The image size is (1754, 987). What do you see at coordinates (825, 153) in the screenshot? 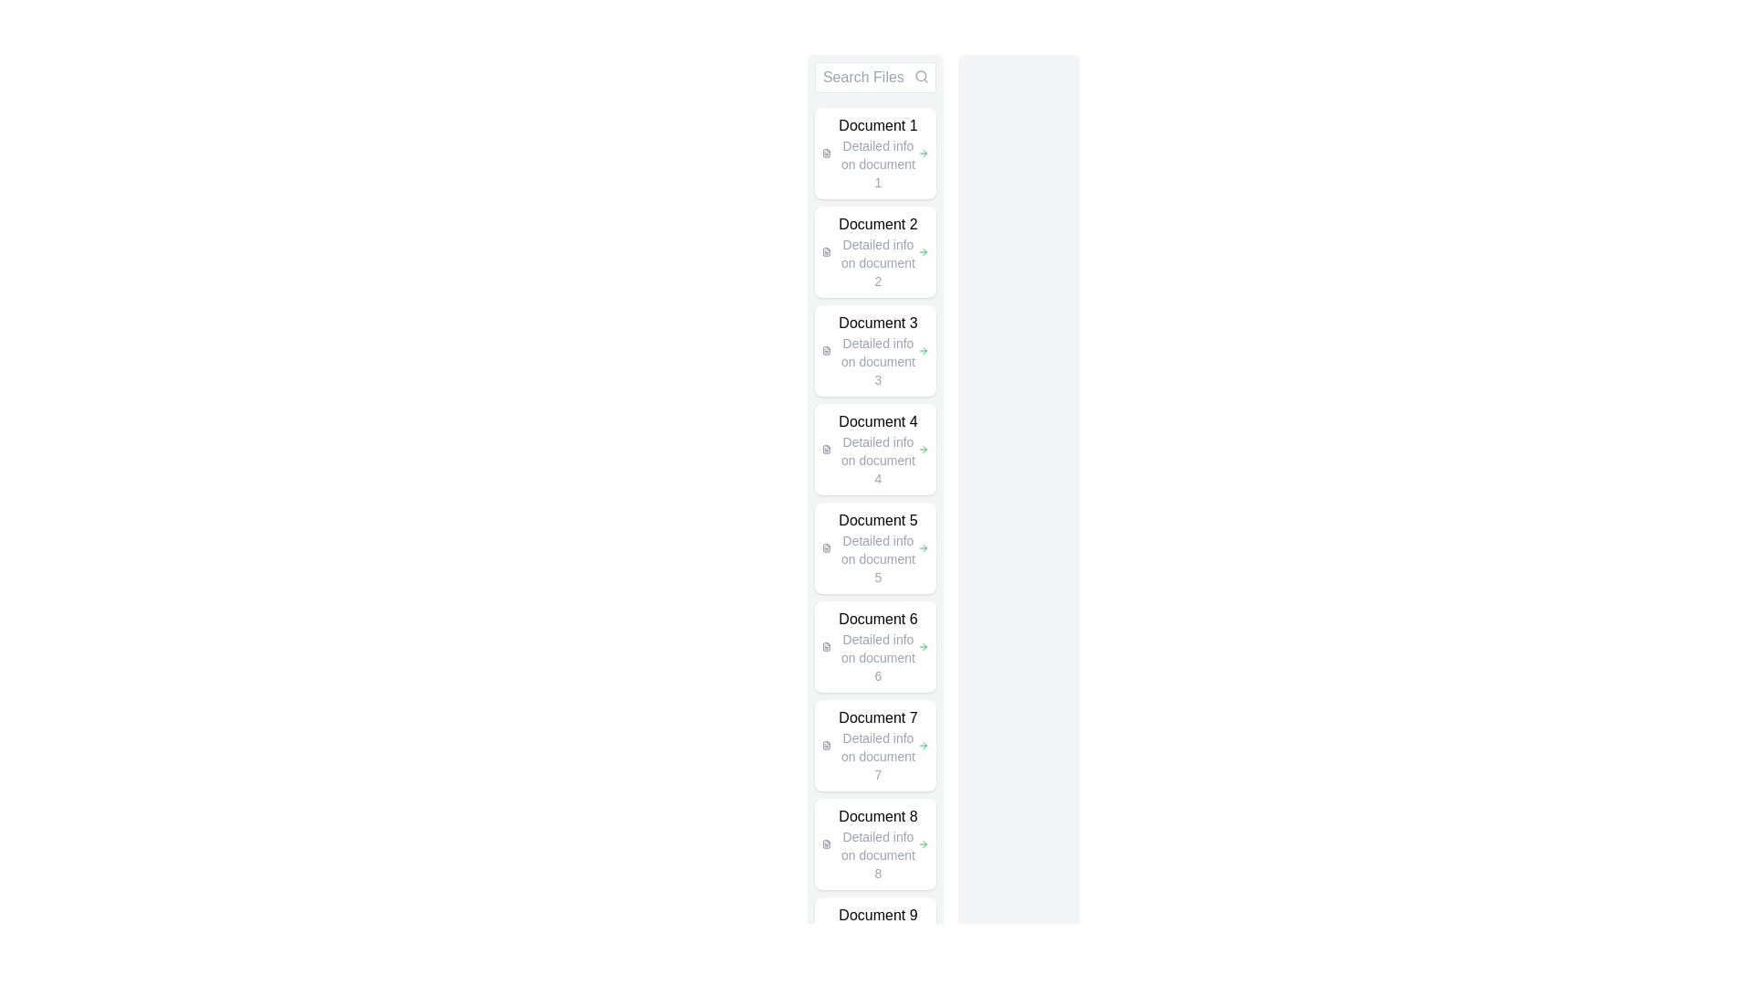
I see `the small file document icon outlined in gray, located to the left of the text title 'Document 1' in the first document card` at bounding box center [825, 153].